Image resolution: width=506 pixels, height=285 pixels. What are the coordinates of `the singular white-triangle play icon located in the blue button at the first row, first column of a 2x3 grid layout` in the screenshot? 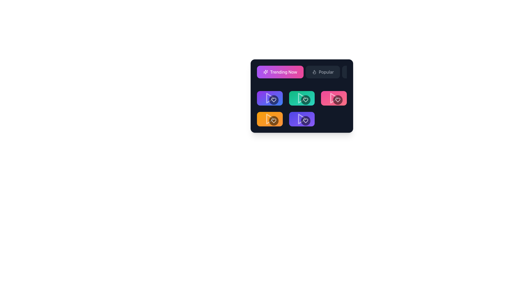 It's located at (270, 98).